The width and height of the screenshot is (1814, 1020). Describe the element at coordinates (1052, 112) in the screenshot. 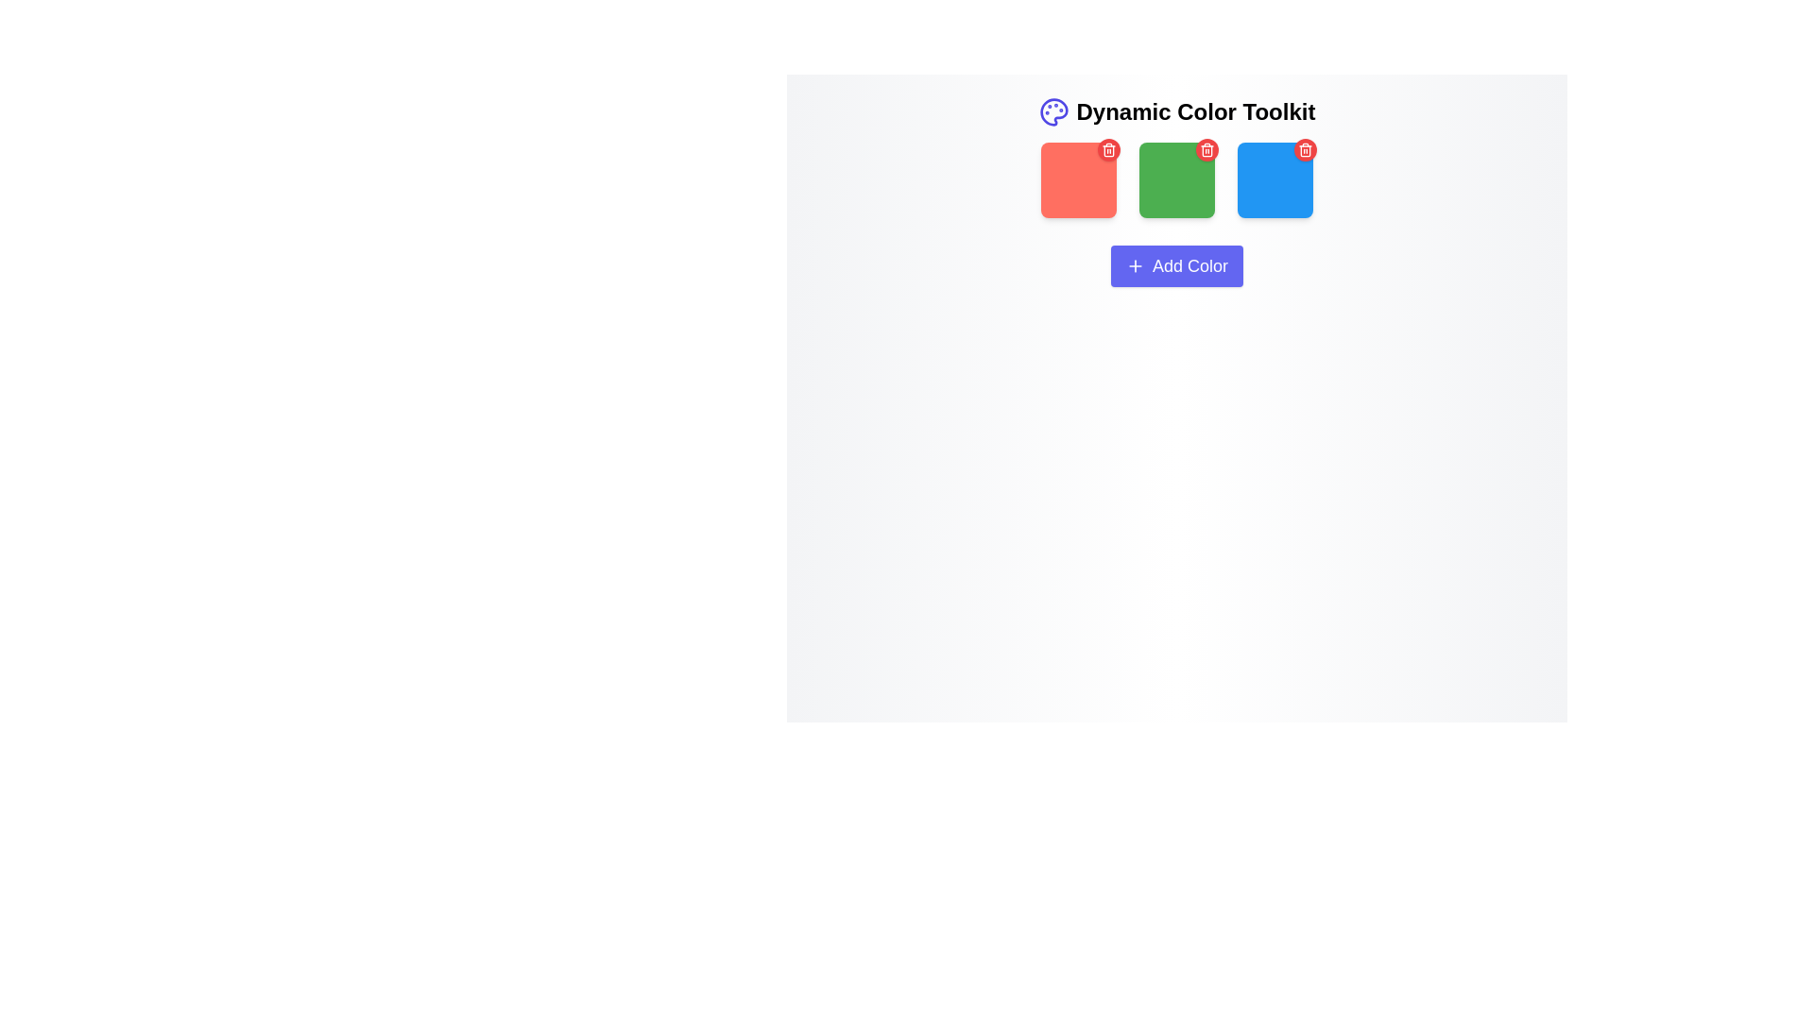

I see `the rounded indigo painter's palette icon located next to the header text 'Dynamic Color Toolkit' in the top-left corner of the interface` at that location.